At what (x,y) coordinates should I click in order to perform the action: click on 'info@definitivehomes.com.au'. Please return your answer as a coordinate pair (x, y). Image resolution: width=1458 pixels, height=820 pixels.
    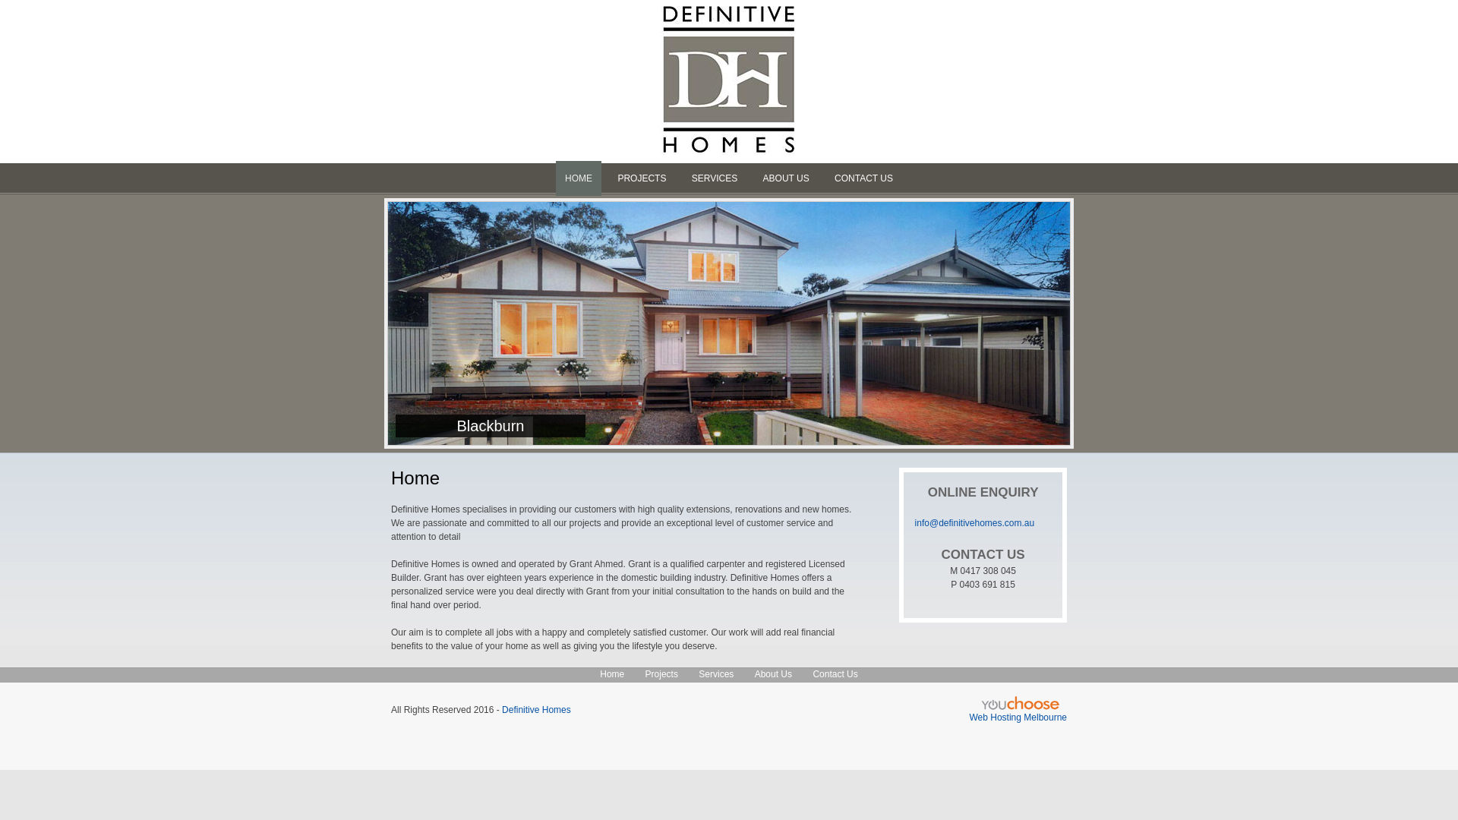
    Looking at the image, I should click on (974, 522).